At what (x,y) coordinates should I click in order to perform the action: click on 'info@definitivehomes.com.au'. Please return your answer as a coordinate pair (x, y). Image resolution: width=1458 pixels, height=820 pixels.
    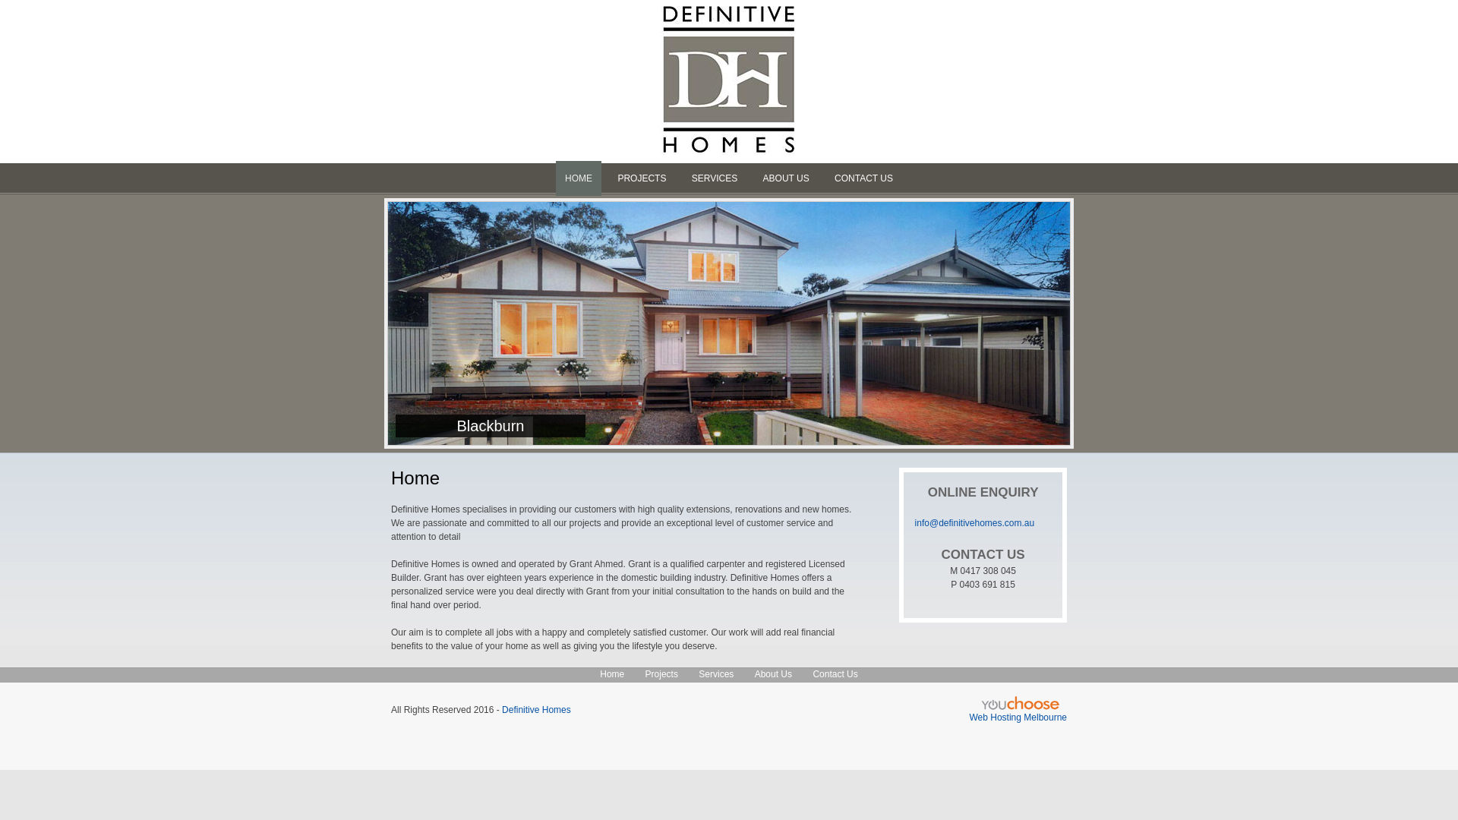
    Looking at the image, I should click on (974, 522).